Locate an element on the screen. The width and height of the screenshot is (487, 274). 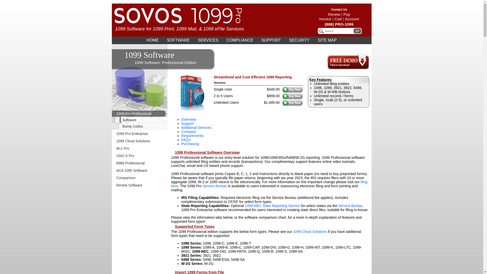
'Compare' is located at coordinates (188, 131).